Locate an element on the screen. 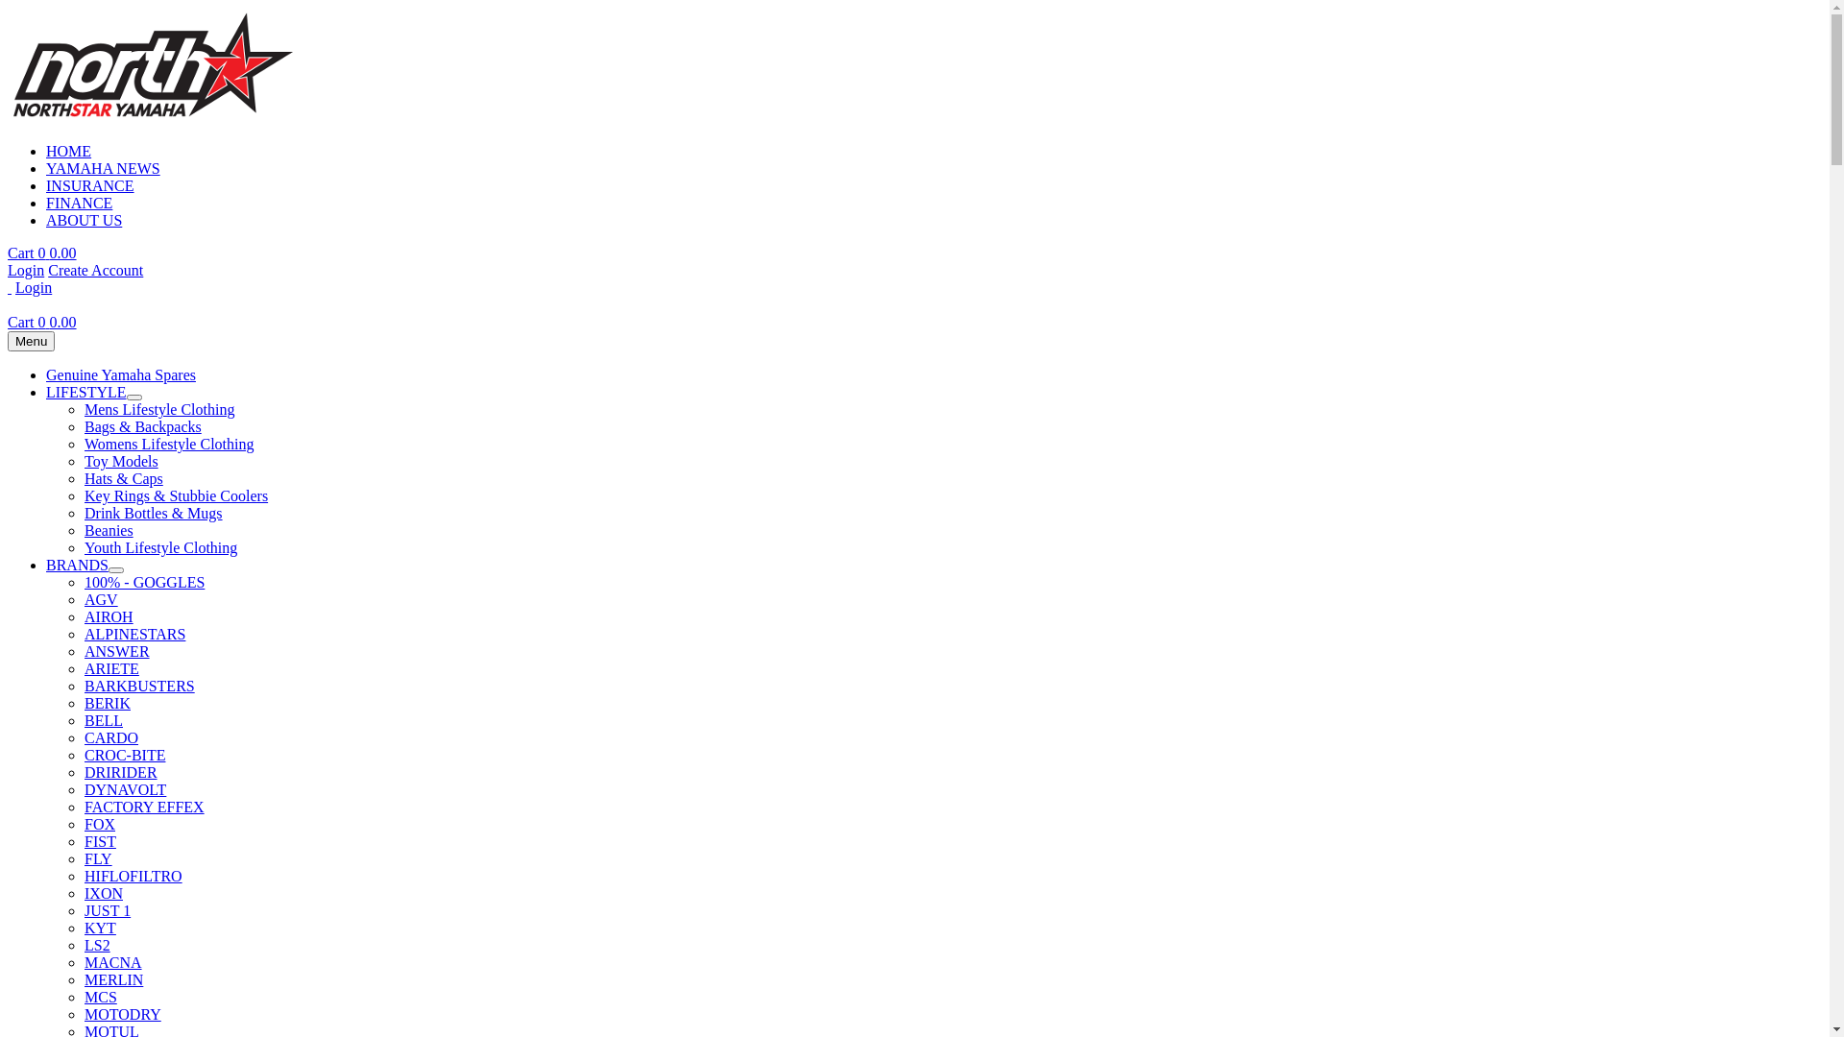 The width and height of the screenshot is (1844, 1037). 'AGV' is located at coordinates (100, 598).